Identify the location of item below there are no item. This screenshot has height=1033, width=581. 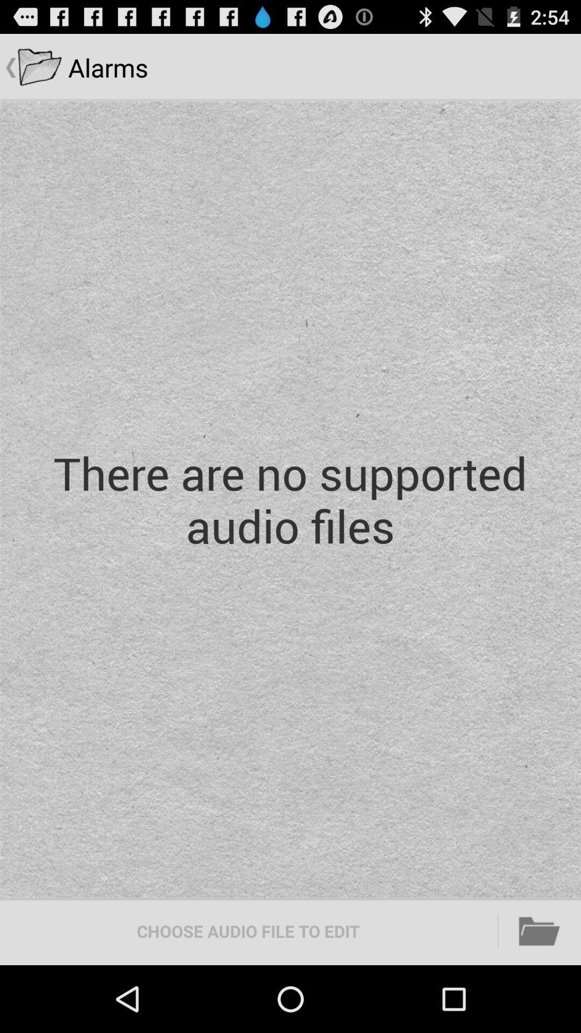
(540, 931).